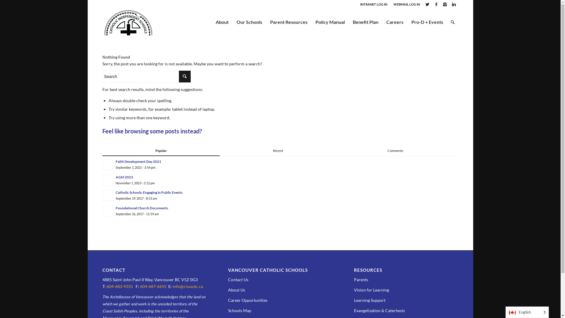  Describe the element at coordinates (280, 179) in the screenshot. I see `'AGM 2023` at that location.